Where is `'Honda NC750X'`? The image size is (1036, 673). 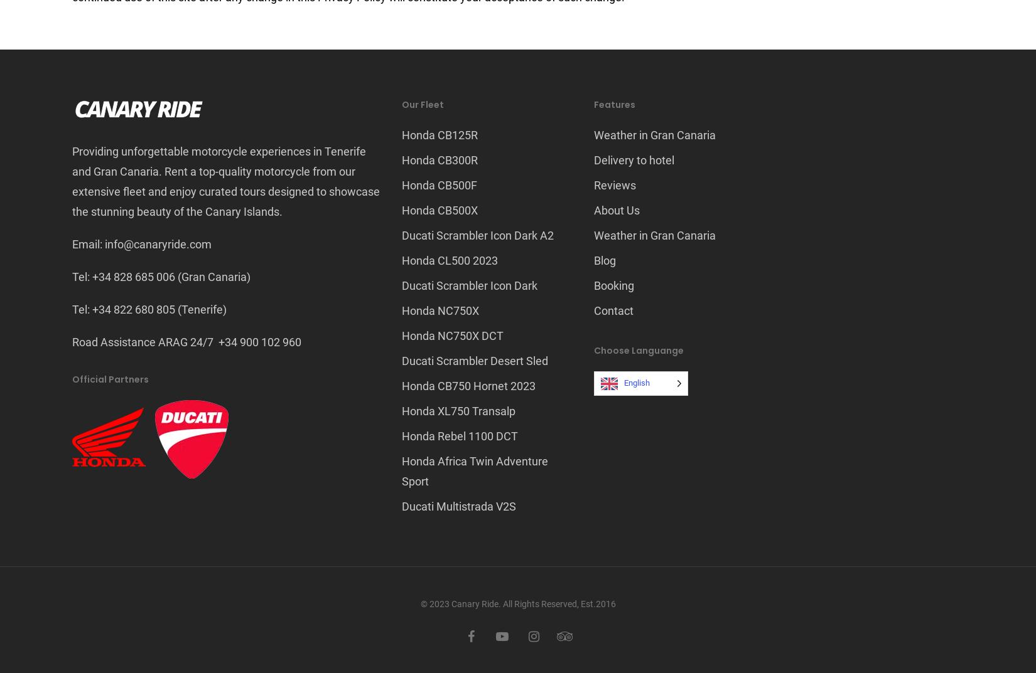 'Honda NC750X' is located at coordinates (440, 310).